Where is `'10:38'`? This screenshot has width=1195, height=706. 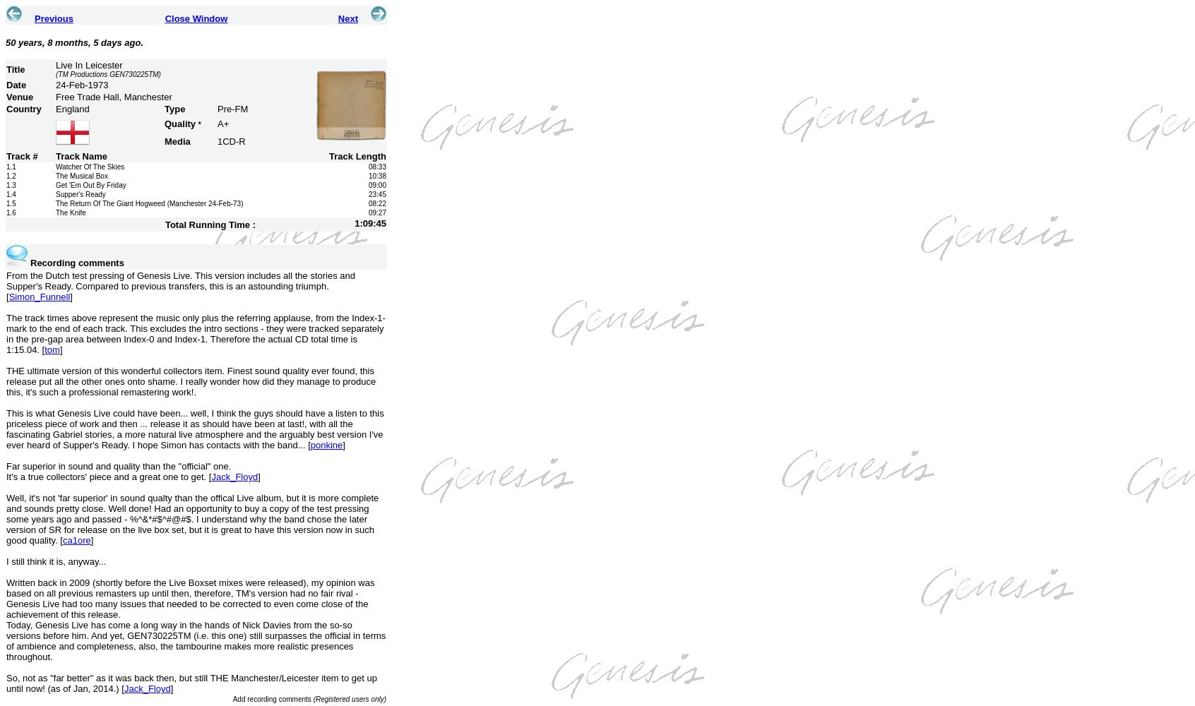 '10:38' is located at coordinates (376, 175).